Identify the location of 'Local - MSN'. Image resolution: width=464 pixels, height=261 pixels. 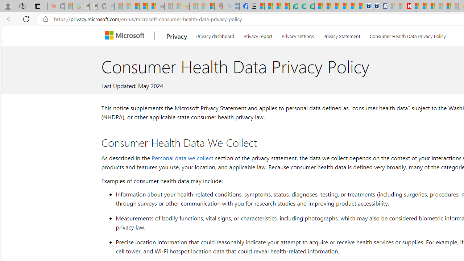
(210, 6).